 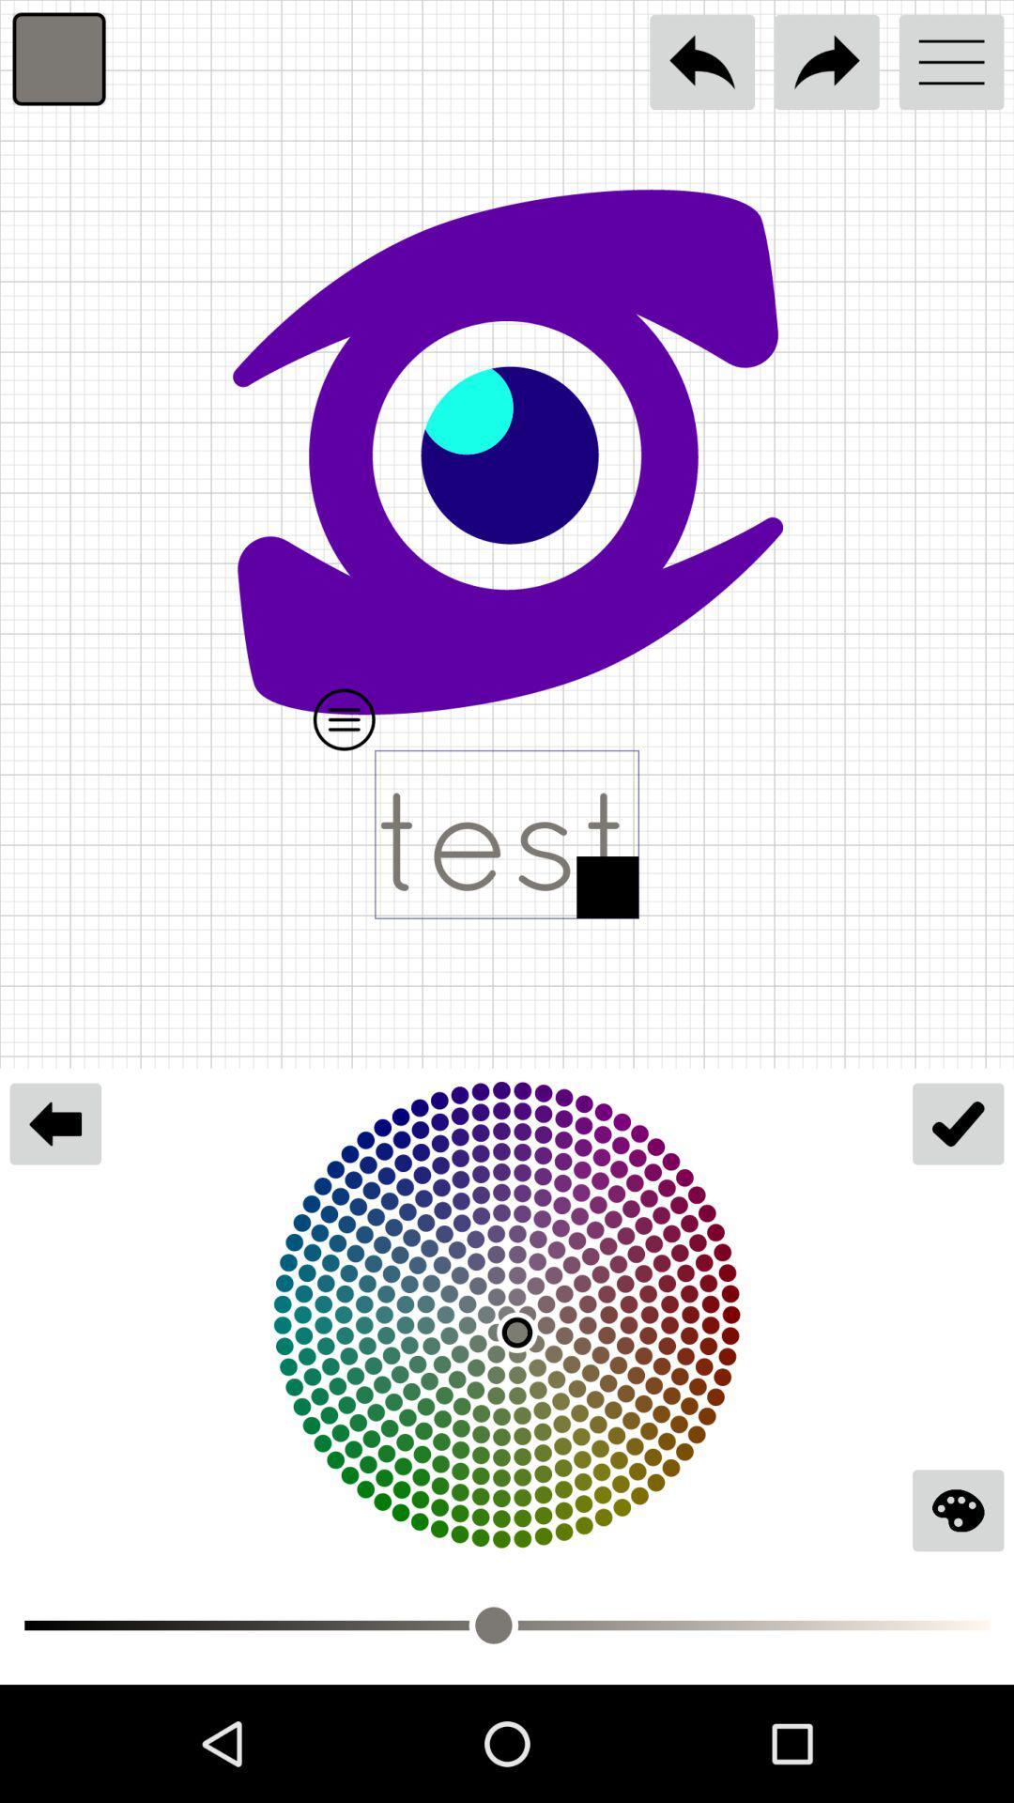 What do you see at coordinates (958, 1123) in the screenshot?
I see `the check icon` at bounding box center [958, 1123].